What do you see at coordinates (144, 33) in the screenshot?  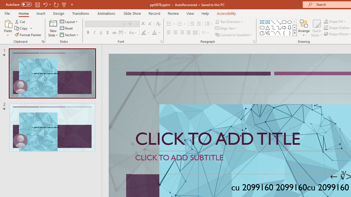 I see `'Text Highlight Color Yellow'` at bounding box center [144, 33].